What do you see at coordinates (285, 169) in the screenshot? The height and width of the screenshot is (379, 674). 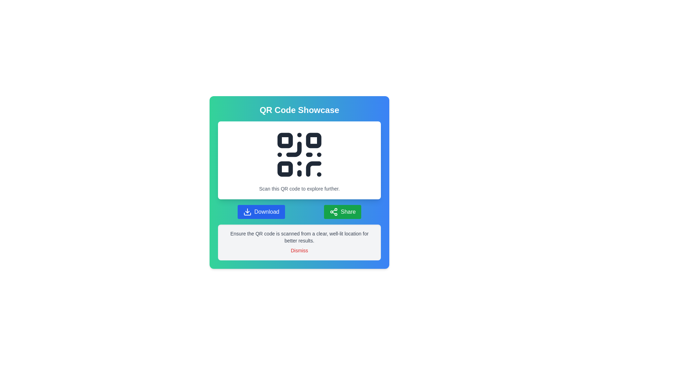 I see `the small, black, square block with rounded corners located in the bottom-left corner of the QR code graphic` at bounding box center [285, 169].